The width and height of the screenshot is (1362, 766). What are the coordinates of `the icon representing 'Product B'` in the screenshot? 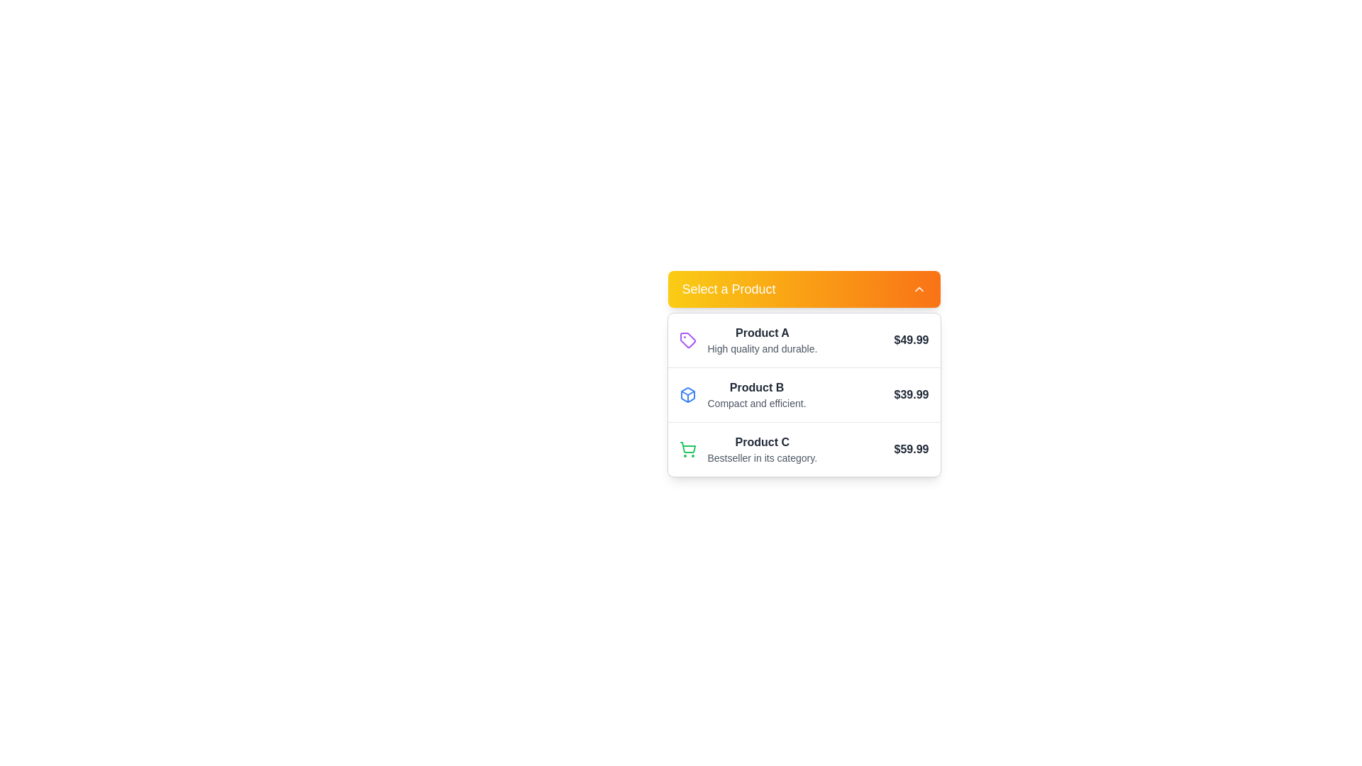 It's located at (687, 394).